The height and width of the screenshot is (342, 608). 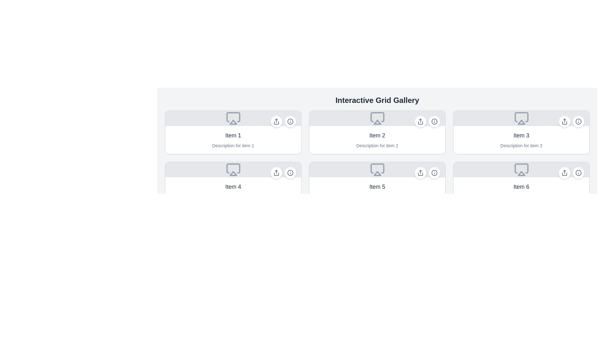 I want to click on the overlay positioned over the third item in the upper row of the grid layout, which overlays the content including the title 'Item 3' and the description 'Description for item 3', so click(x=521, y=132).